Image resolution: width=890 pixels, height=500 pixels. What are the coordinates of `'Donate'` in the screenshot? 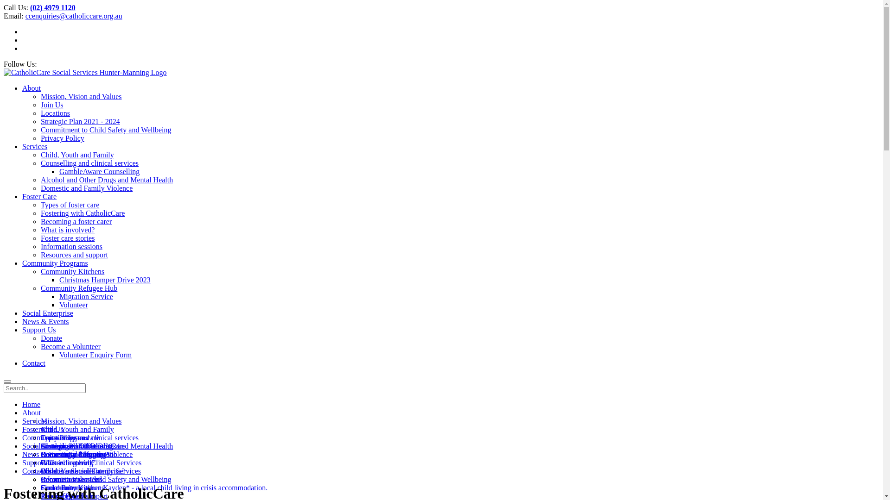 It's located at (51, 338).